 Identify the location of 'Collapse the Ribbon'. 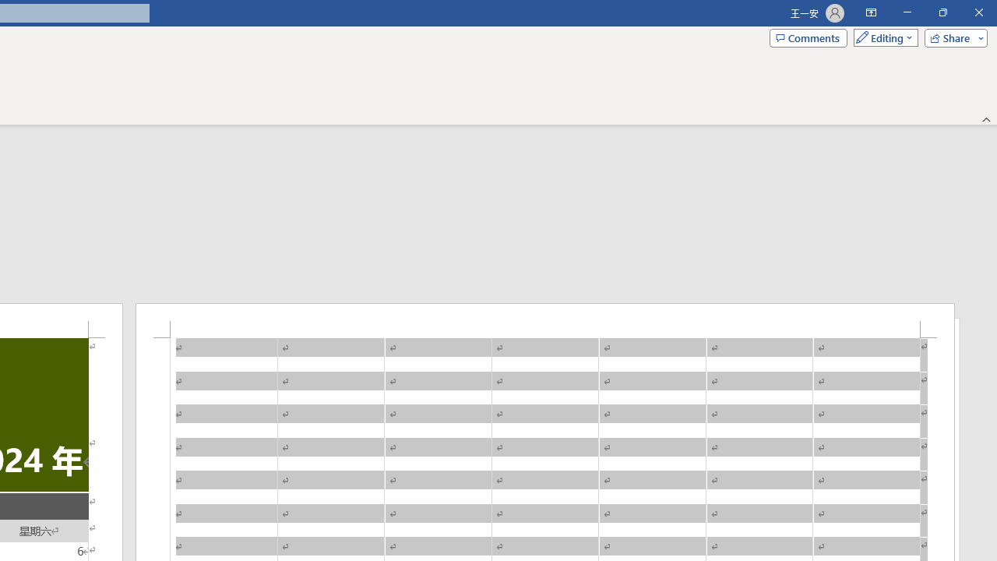
(986, 118).